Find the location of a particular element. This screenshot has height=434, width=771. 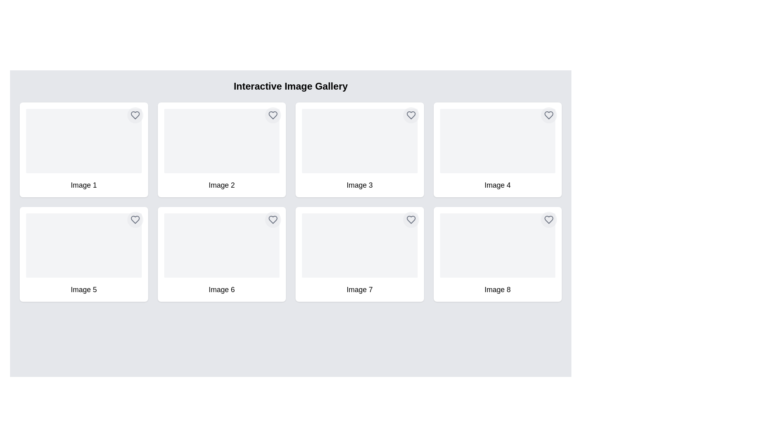

the descriptive text label for the eighth image tile in the 'Interactive Image Gallery', which is located at the bottom center of the tile, below an image placeholder and interactive elements is located at coordinates (497, 290).